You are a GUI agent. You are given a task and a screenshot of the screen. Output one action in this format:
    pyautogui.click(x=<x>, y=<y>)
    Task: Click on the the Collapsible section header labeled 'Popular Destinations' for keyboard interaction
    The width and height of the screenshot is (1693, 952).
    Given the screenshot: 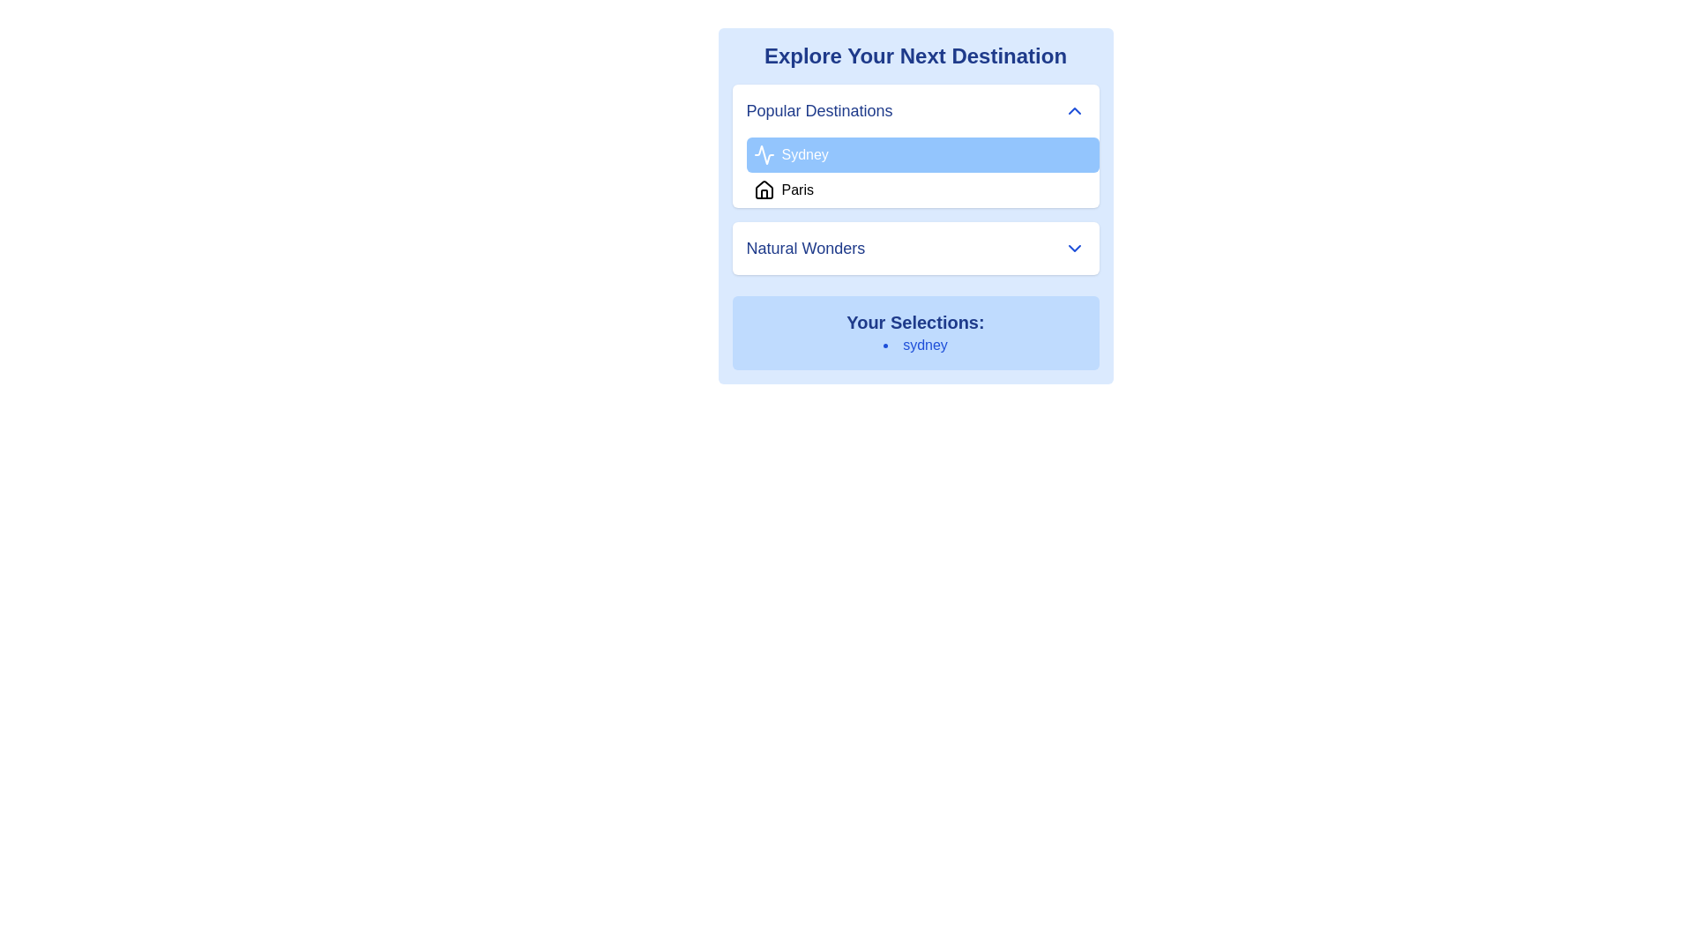 What is the action you would take?
    pyautogui.click(x=915, y=111)
    